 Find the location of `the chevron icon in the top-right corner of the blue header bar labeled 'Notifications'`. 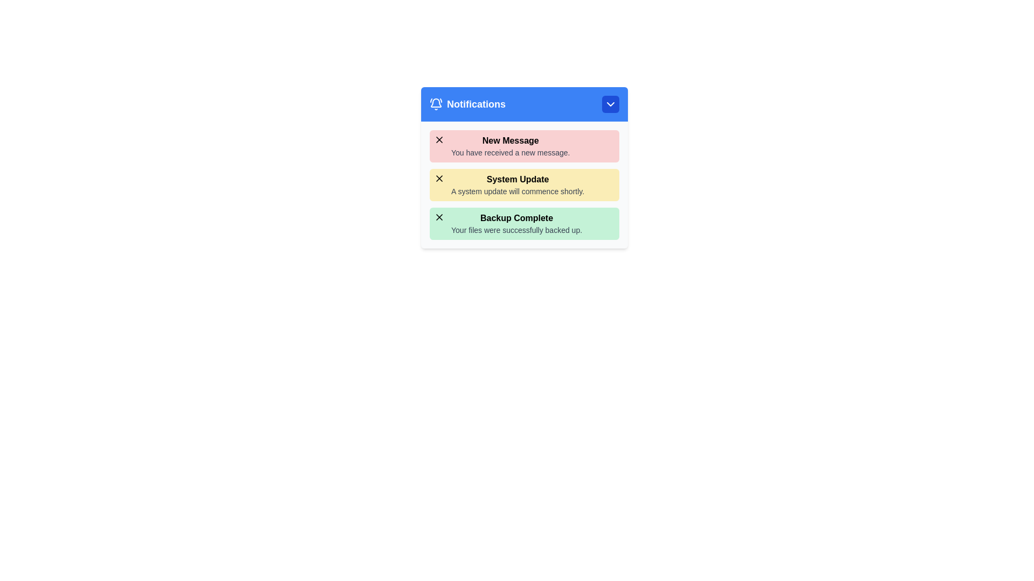

the chevron icon in the top-right corner of the blue header bar labeled 'Notifications' is located at coordinates (610, 104).